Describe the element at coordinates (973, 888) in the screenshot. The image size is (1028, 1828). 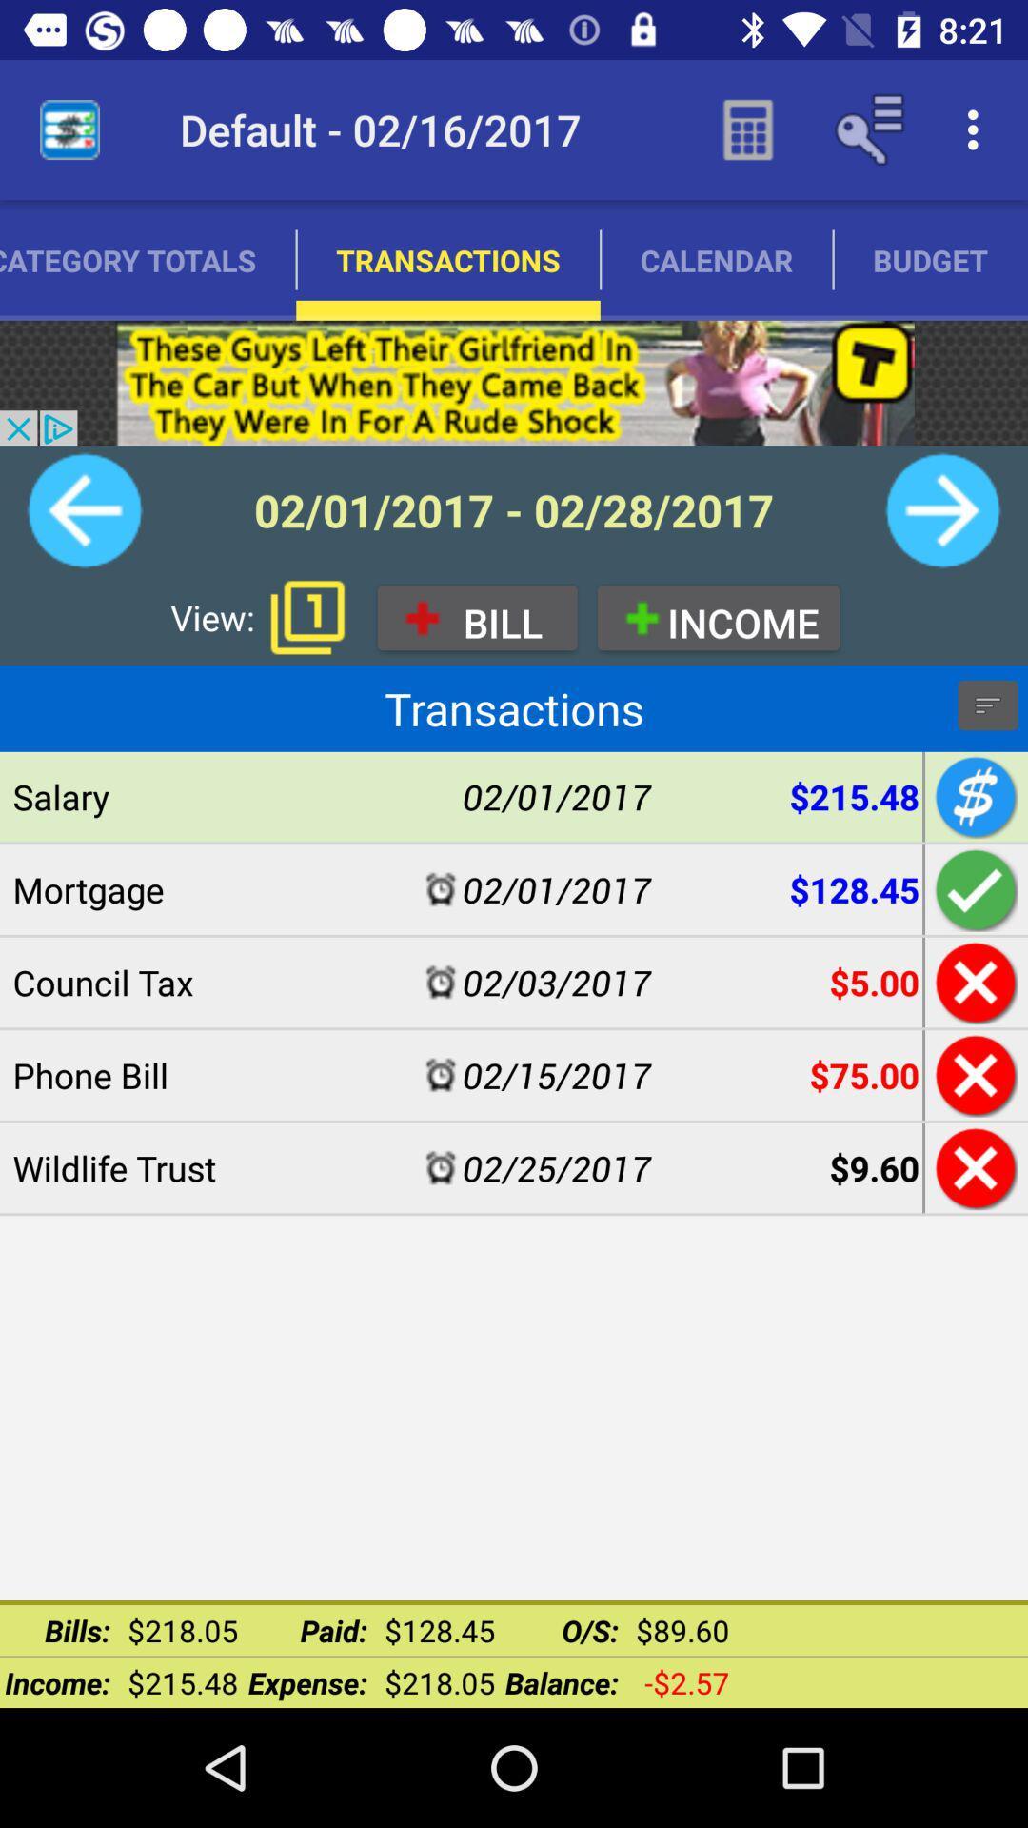
I see `correct` at that location.